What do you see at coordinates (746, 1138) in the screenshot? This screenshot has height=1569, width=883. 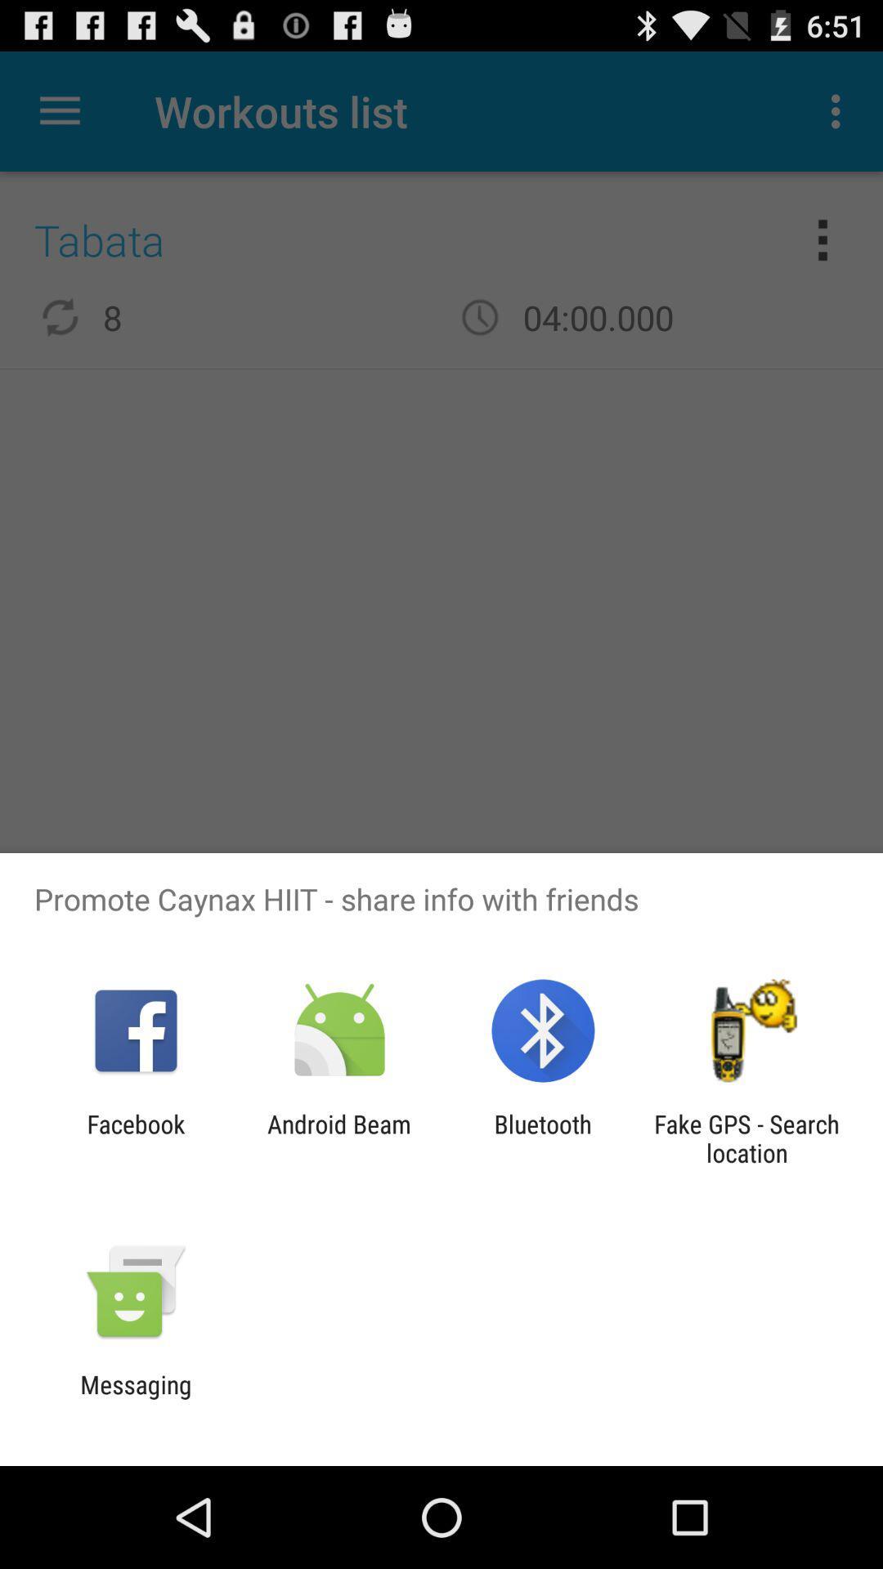 I see `fake gps search app` at bounding box center [746, 1138].